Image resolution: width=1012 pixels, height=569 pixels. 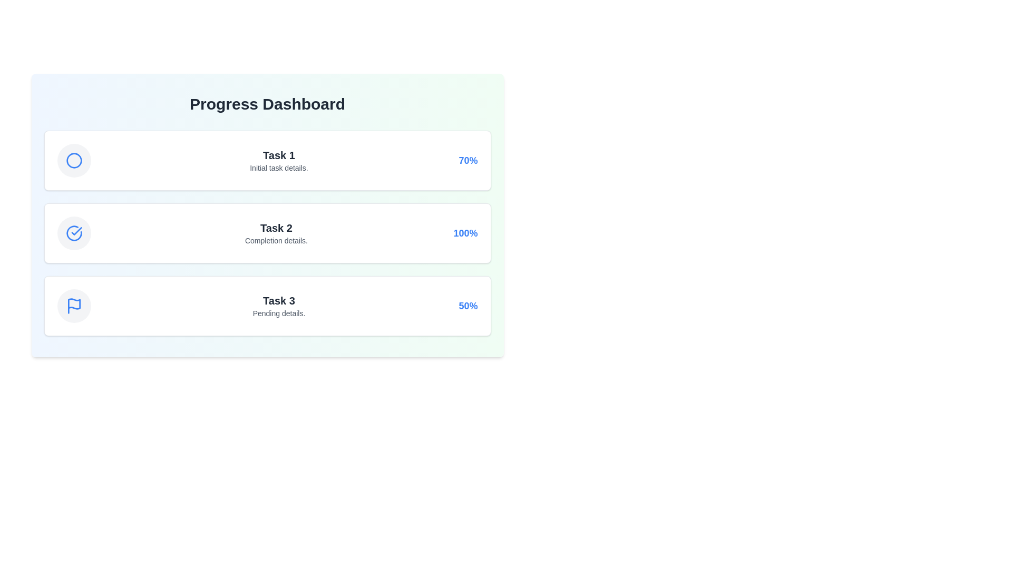 I want to click on descriptive text block for 'Task 2' which contains the title and completion details, so click(x=276, y=233).